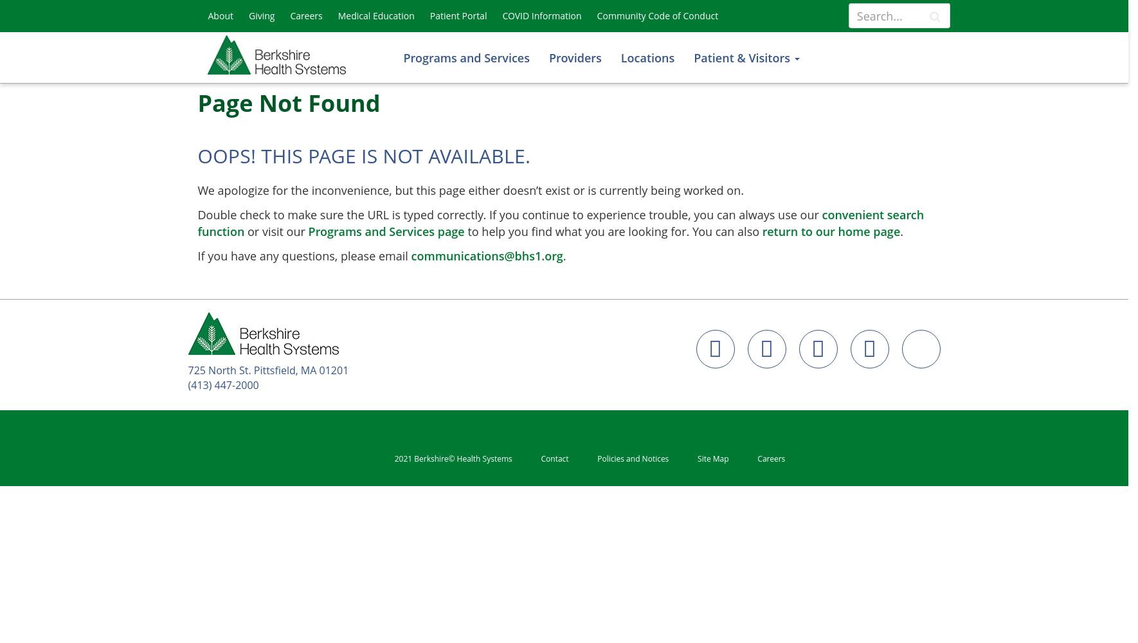 This screenshot has width=1138, height=643. Describe the element at coordinates (196, 155) in the screenshot. I see `'Oops! This page is not available.'` at that location.